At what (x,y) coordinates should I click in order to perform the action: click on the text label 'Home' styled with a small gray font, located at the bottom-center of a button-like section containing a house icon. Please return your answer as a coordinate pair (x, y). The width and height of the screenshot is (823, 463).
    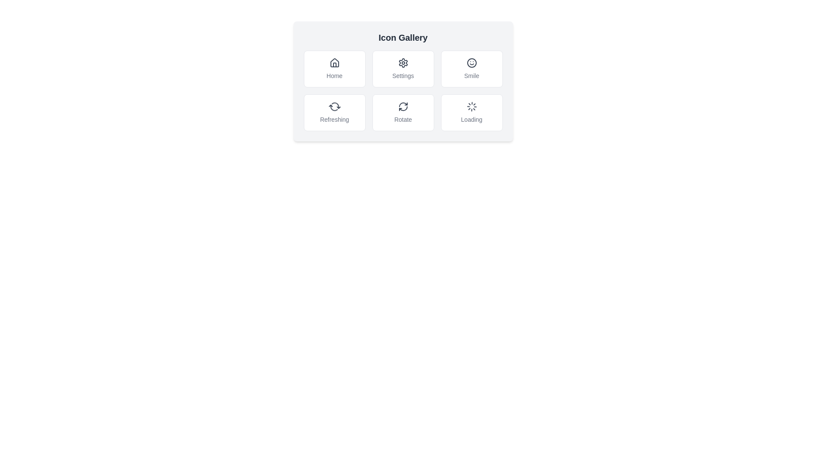
    Looking at the image, I should click on (334, 75).